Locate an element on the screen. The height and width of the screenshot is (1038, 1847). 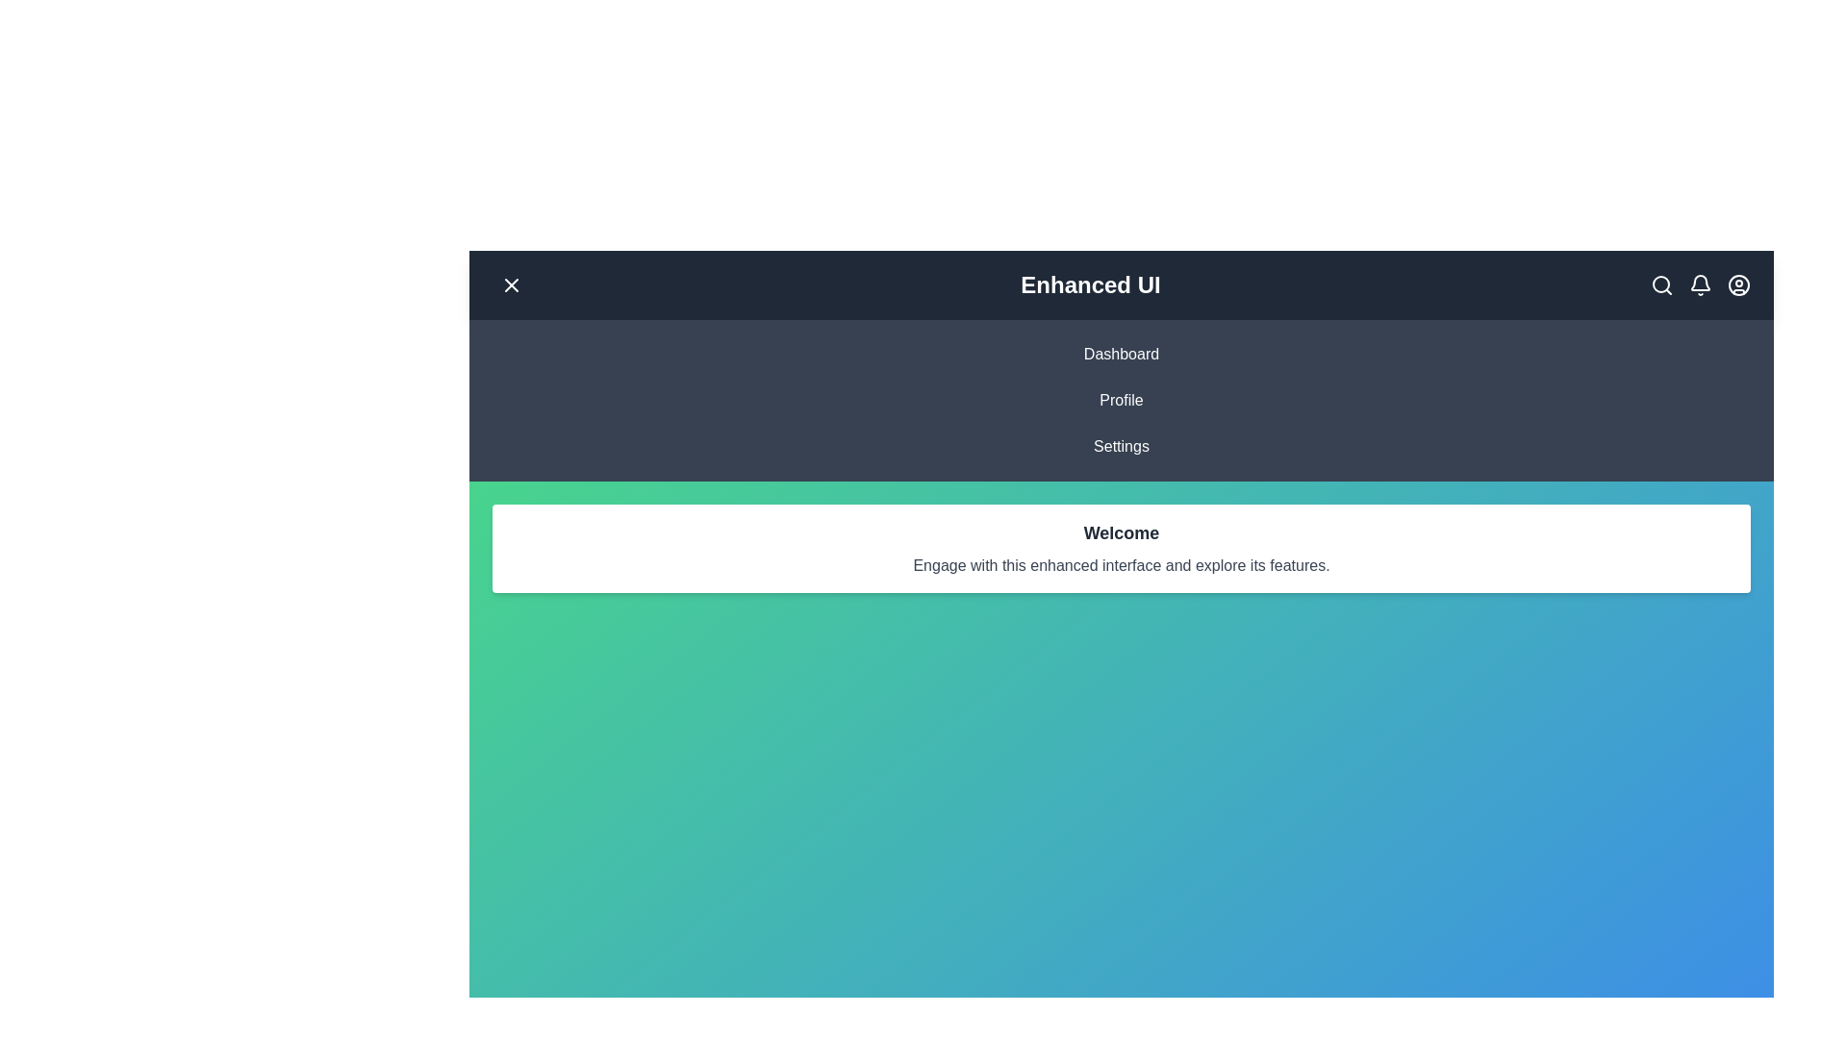
the 'Bell' icon to check notifications is located at coordinates (1700, 285).